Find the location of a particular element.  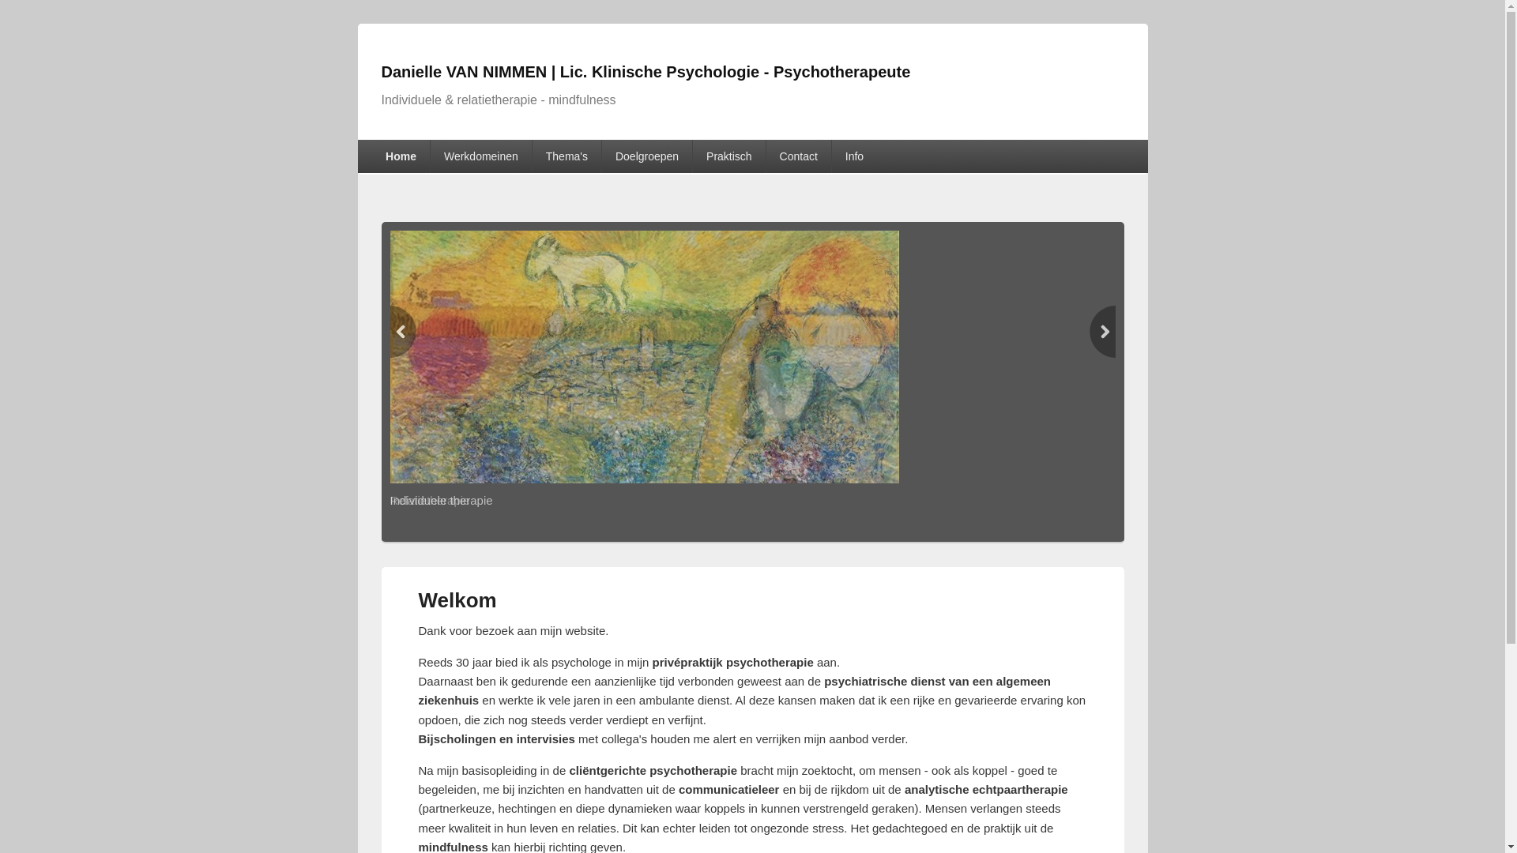

'Home' is located at coordinates (401, 156).